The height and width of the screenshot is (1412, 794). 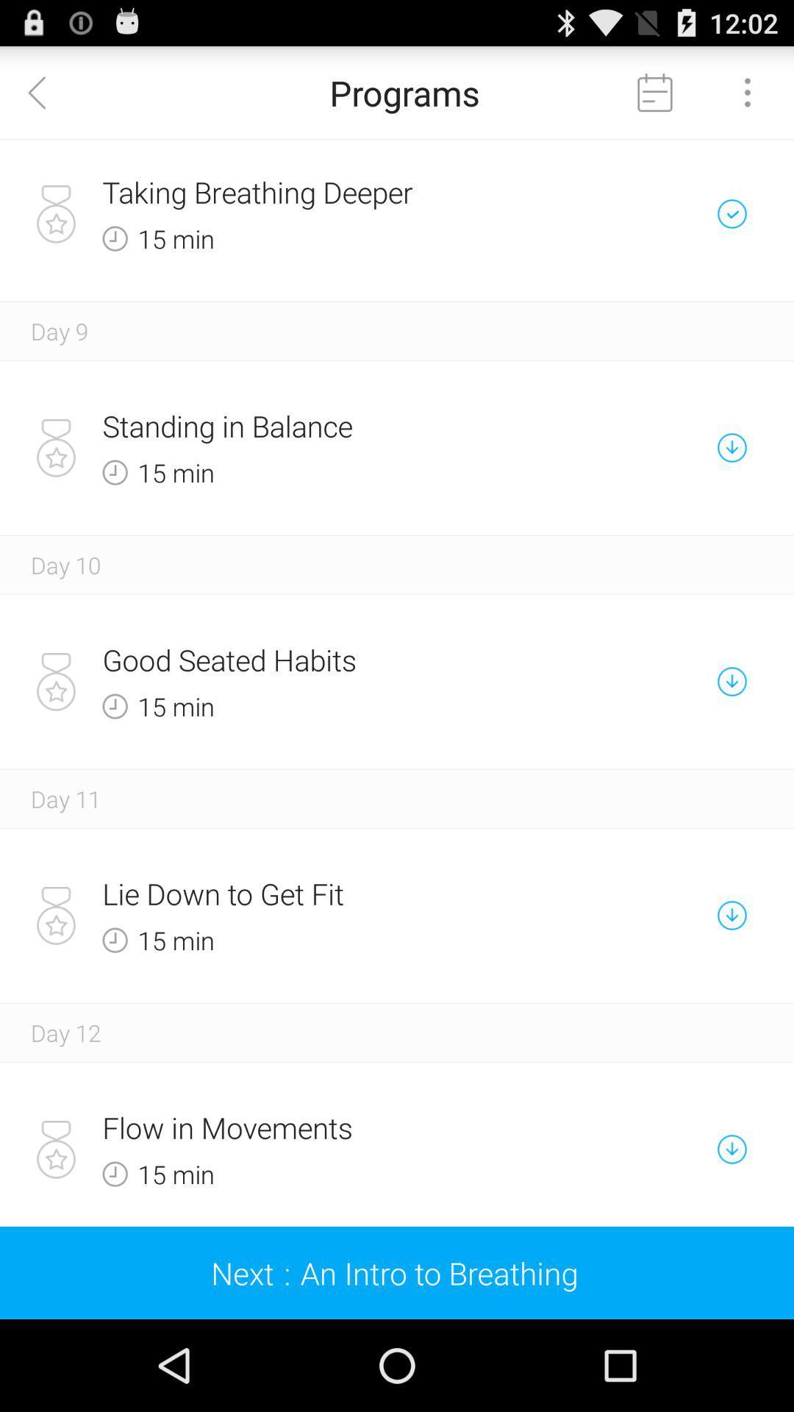 I want to click on the taking breathing deeper, so click(x=346, y=191).